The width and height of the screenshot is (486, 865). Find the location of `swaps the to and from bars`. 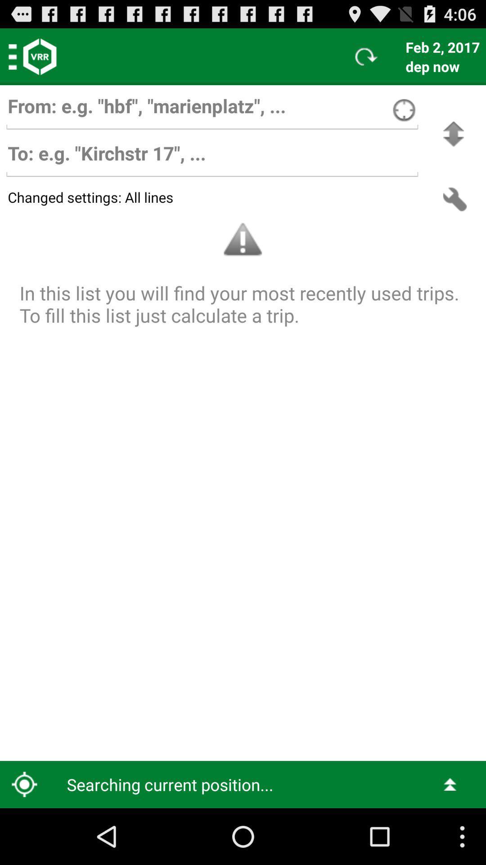

swaps the to and from bars is located at coordinates (453, 133).